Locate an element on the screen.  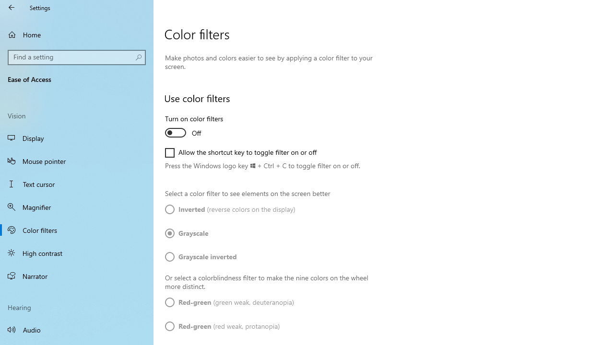
'Home' is located at coordinates (77, 34).